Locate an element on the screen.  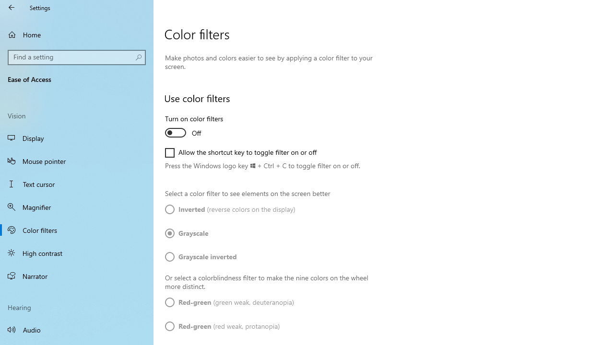
'Home' is located at coordinates (77, 34).